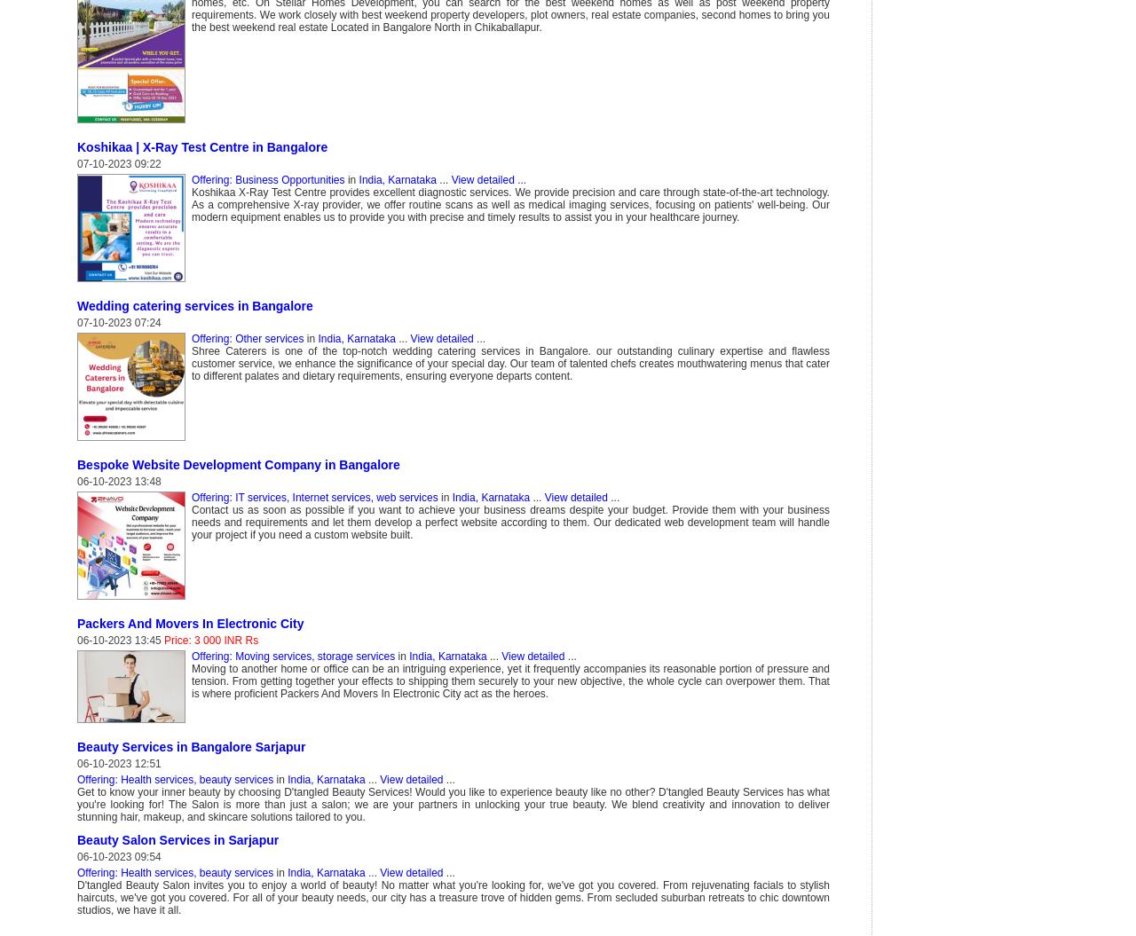  What do you see at coordinates (509, 204) in the screenshot?
I see `'Koshikaa X-Ray Test Centre provides excellent diagnostic services. We provide precision and care through state-of-the-art technology. As a comprehensive X-ray provider,  we offer routine scans as well as medical imaging services,  focusing on patients' well-being. Our modern equipment enables us to provide you with precise and timely results to assist you in your healthcare journey.'` at bounding box center [509, 204].